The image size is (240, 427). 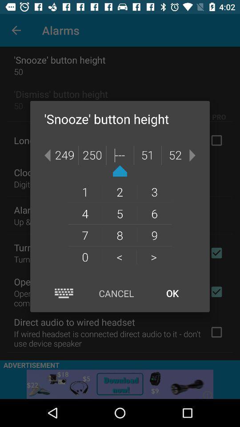 I want to click on item to the right of the 8, so click(x=153, y=257).